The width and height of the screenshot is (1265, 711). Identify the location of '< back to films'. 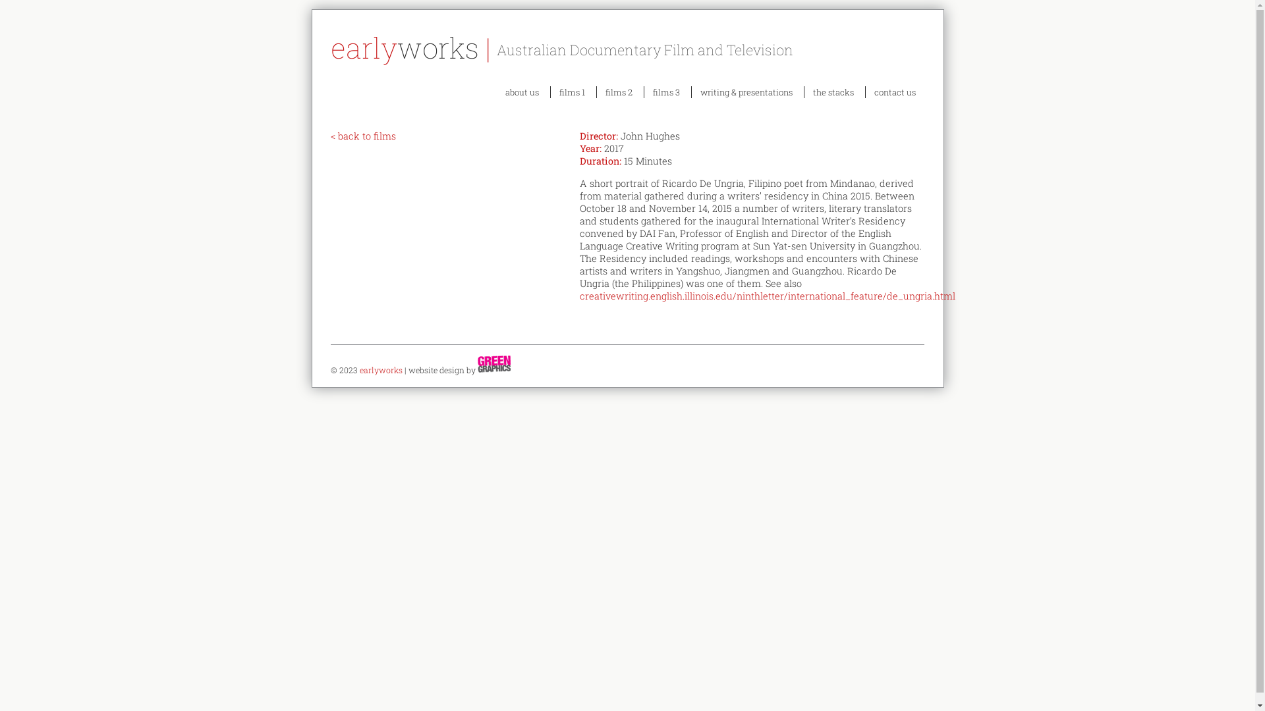
(363, 136).